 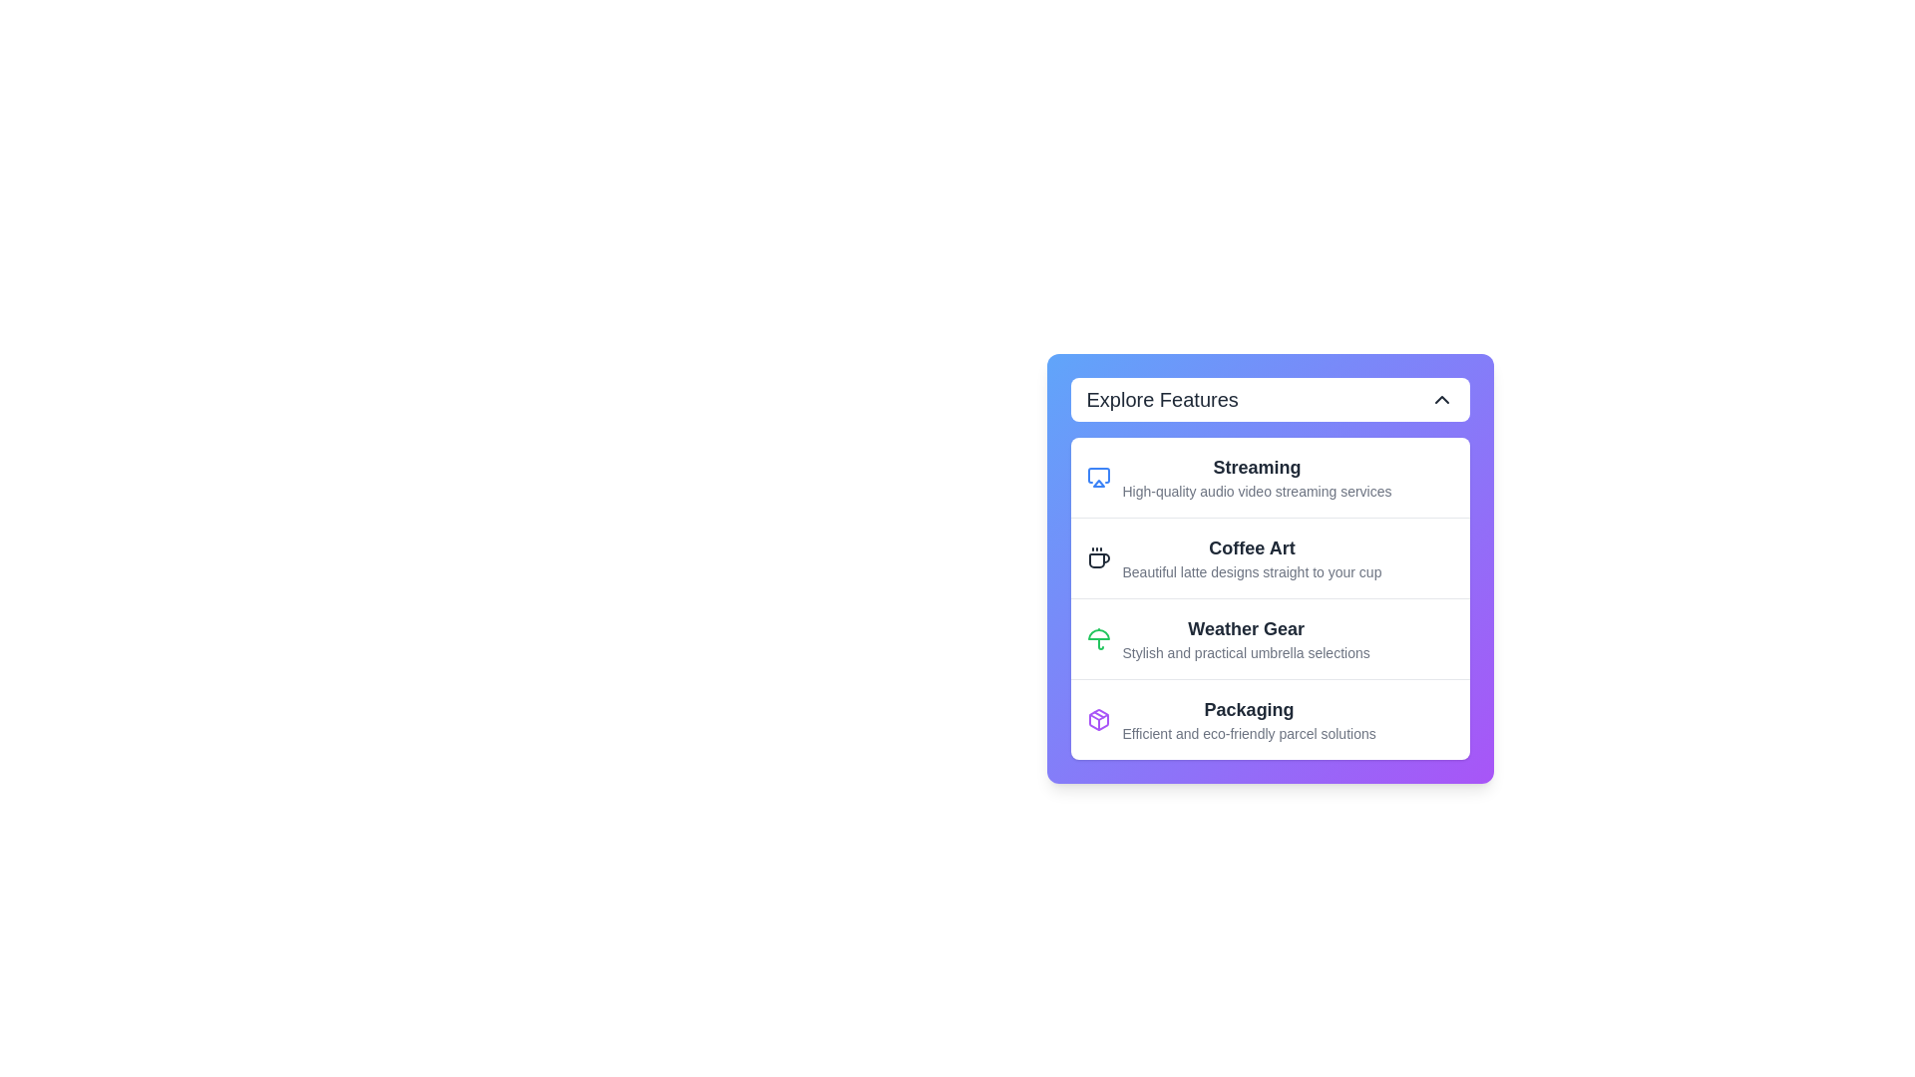 What do you see at coordinates (1256, 468) in the screenshot?
I see `the bold, black text label reading 'Streaming' located at the top center of the blue card titled 'Explore Features'` at bounding box center [1256, 468].